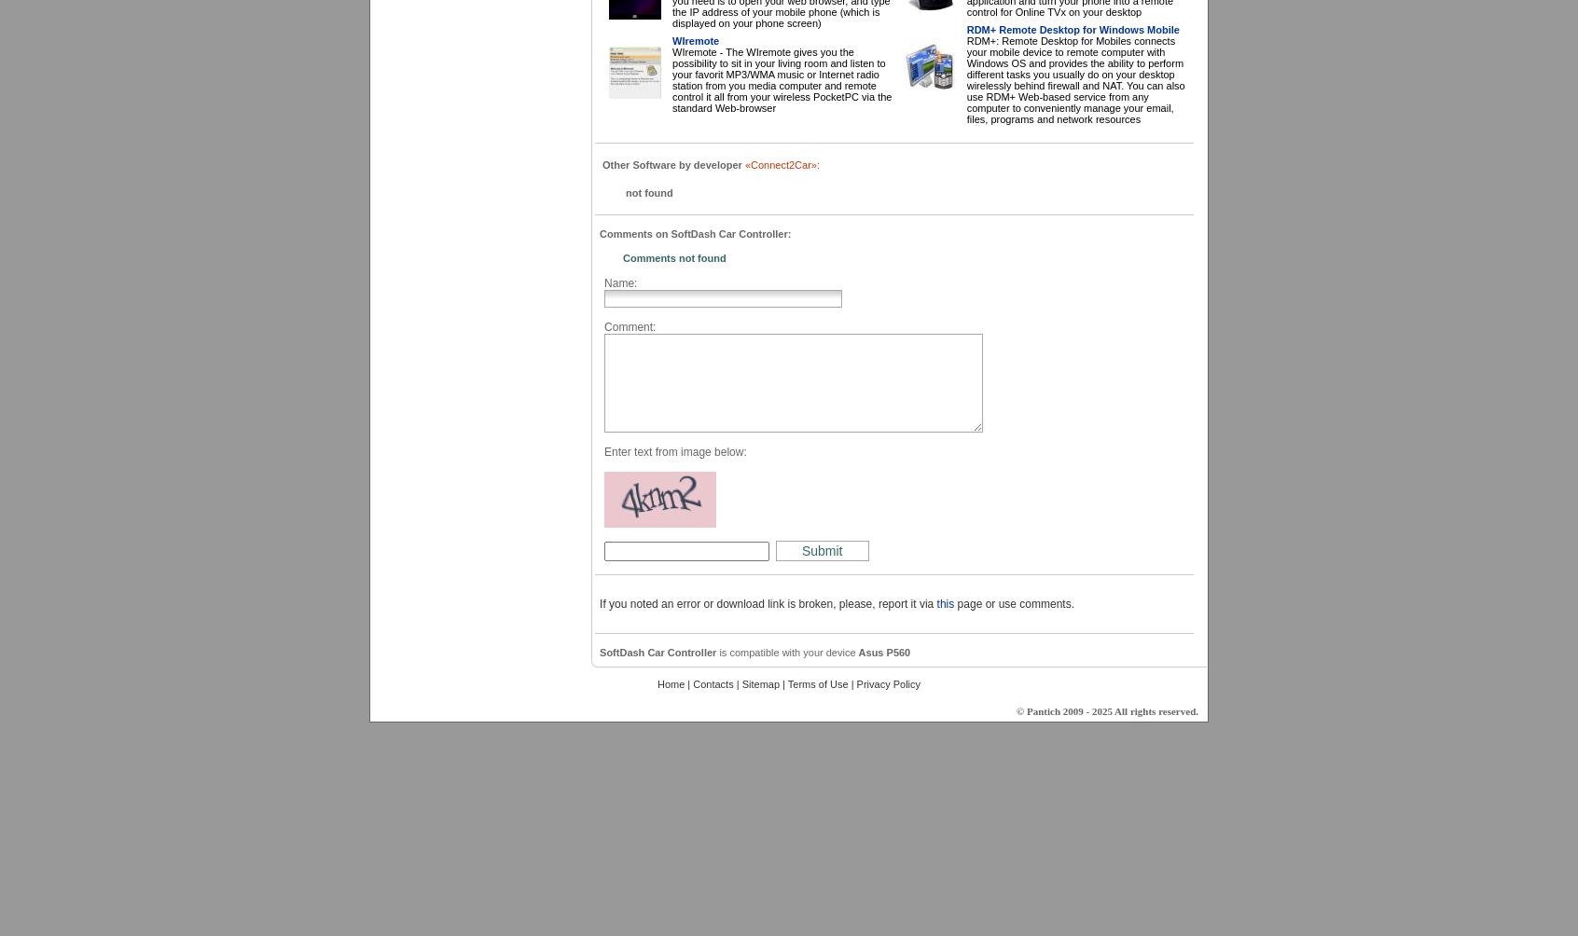  I want to click on 'Enter text from image below:', so click(604, 451).